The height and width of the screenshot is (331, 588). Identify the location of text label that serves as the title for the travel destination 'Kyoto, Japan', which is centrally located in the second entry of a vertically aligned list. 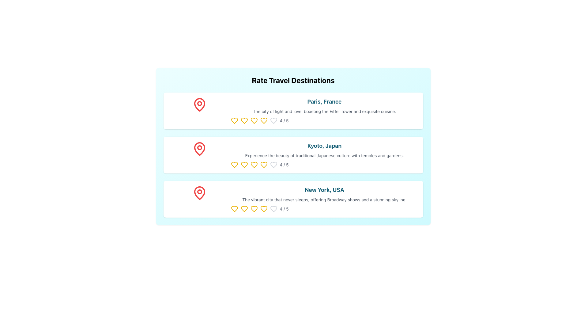
(324, 146).